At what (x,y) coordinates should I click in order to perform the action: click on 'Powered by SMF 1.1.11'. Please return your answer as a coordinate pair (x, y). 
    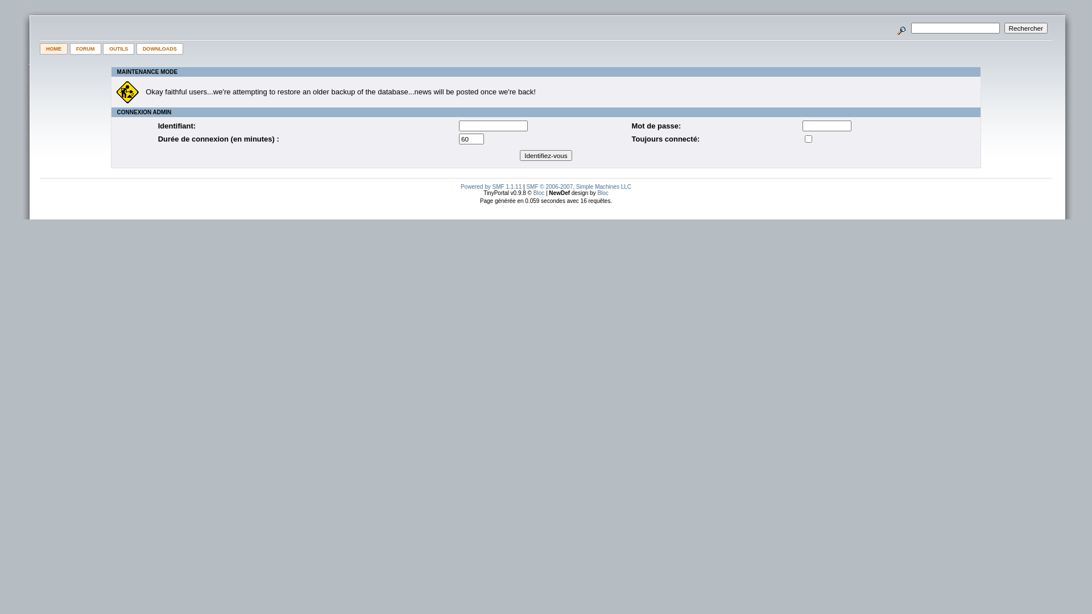
    Looking at the image, I should click on (491, 186).